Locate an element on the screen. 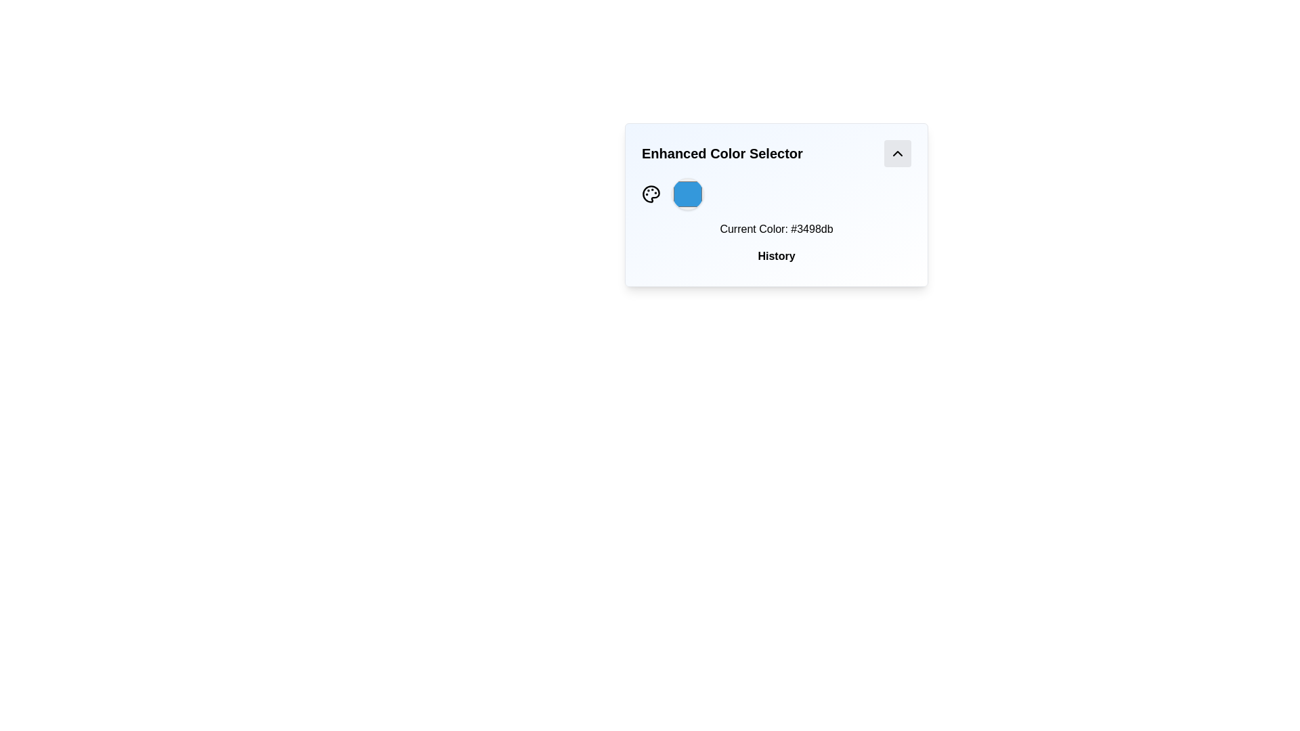 The height and width of the screenshot is (731, 1300). the palette icon located in the 'Enhanced Color Selector' panel, which is depicted as a circular shape with smaller circles around its edges is located at coordinates (651, 194).